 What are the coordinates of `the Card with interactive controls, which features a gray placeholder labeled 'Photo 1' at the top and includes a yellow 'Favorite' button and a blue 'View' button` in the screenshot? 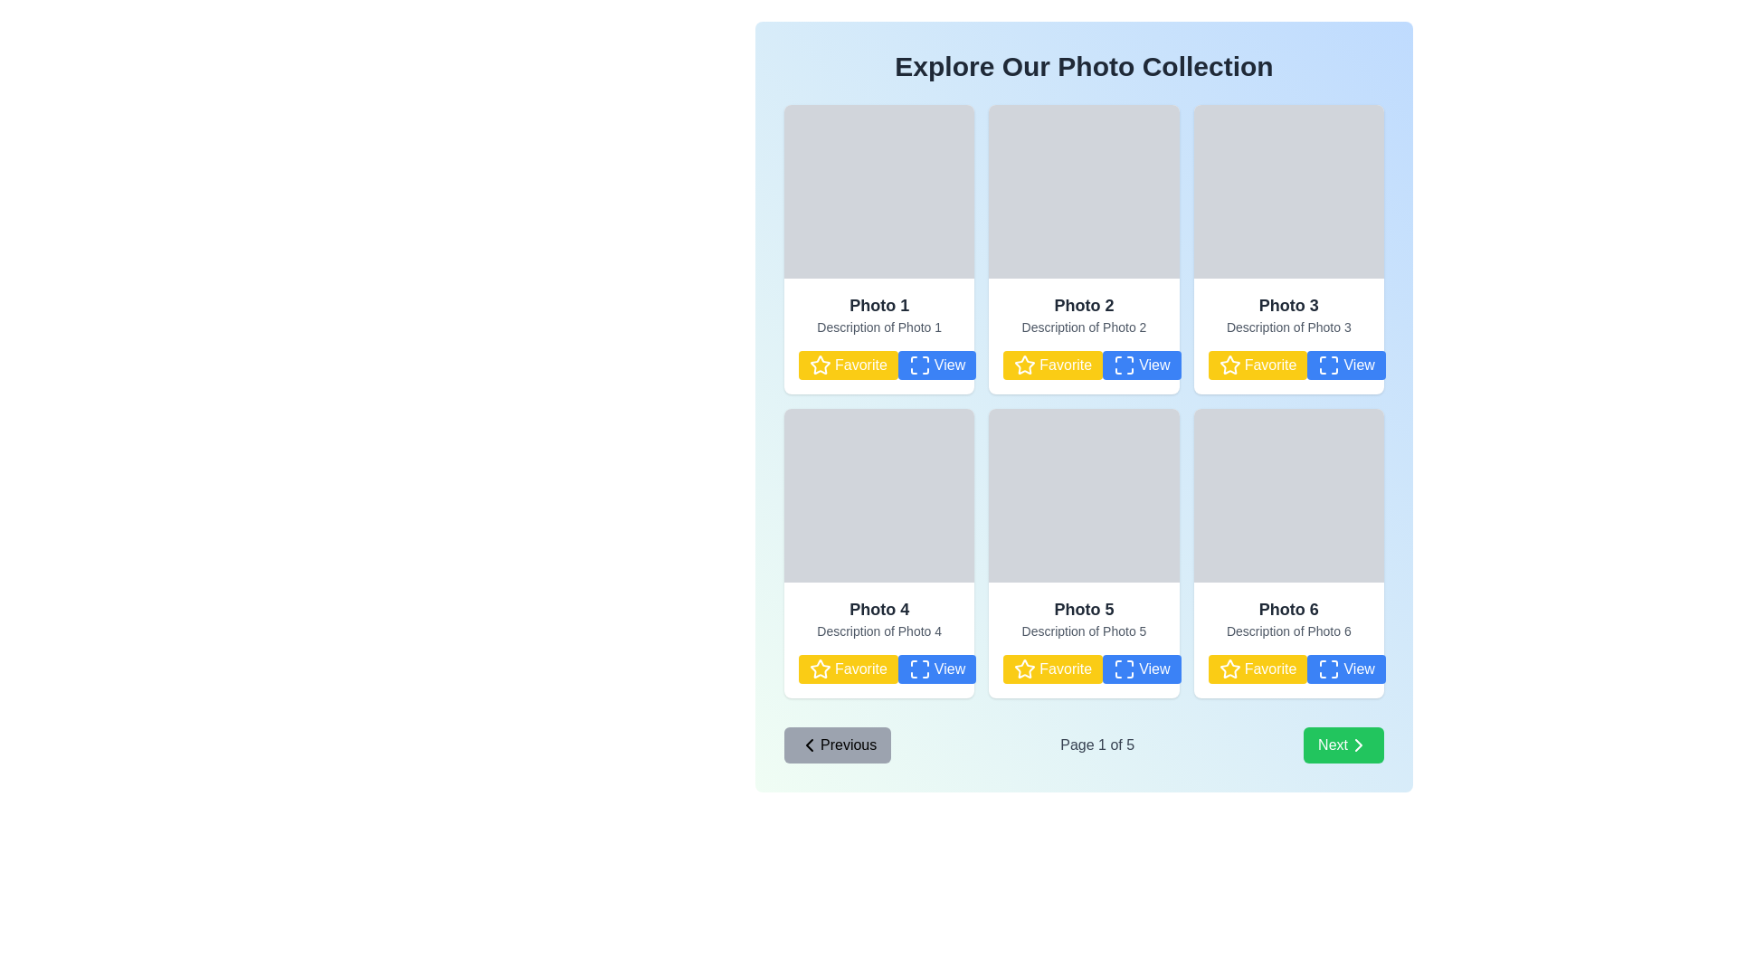 It's located at (879, 250).